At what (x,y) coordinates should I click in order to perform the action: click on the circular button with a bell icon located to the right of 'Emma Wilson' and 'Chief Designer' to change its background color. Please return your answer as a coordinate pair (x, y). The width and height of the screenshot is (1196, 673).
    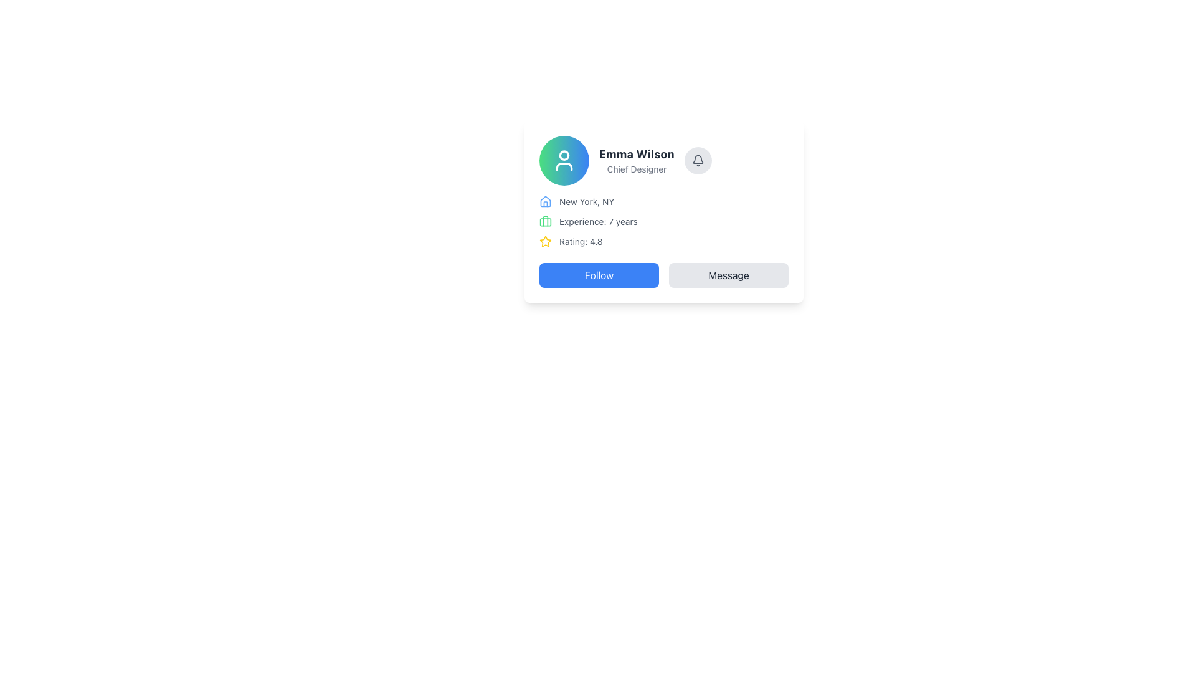
    Looking at the image, I should click on (698, 160).